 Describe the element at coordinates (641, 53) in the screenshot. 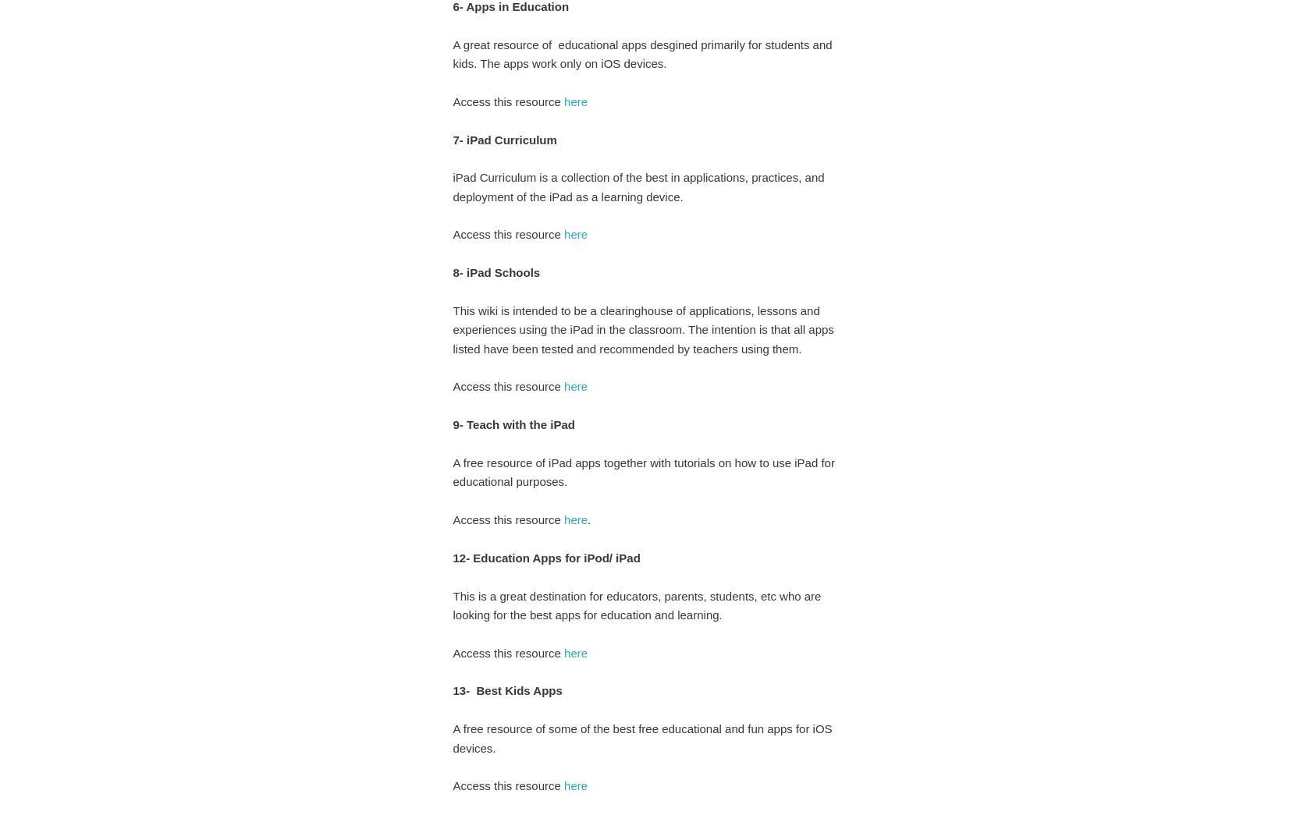

I see `'A great resource of  educational apps desgined primarily for students and kids. The apps work only on iOS devices.'` at that location.